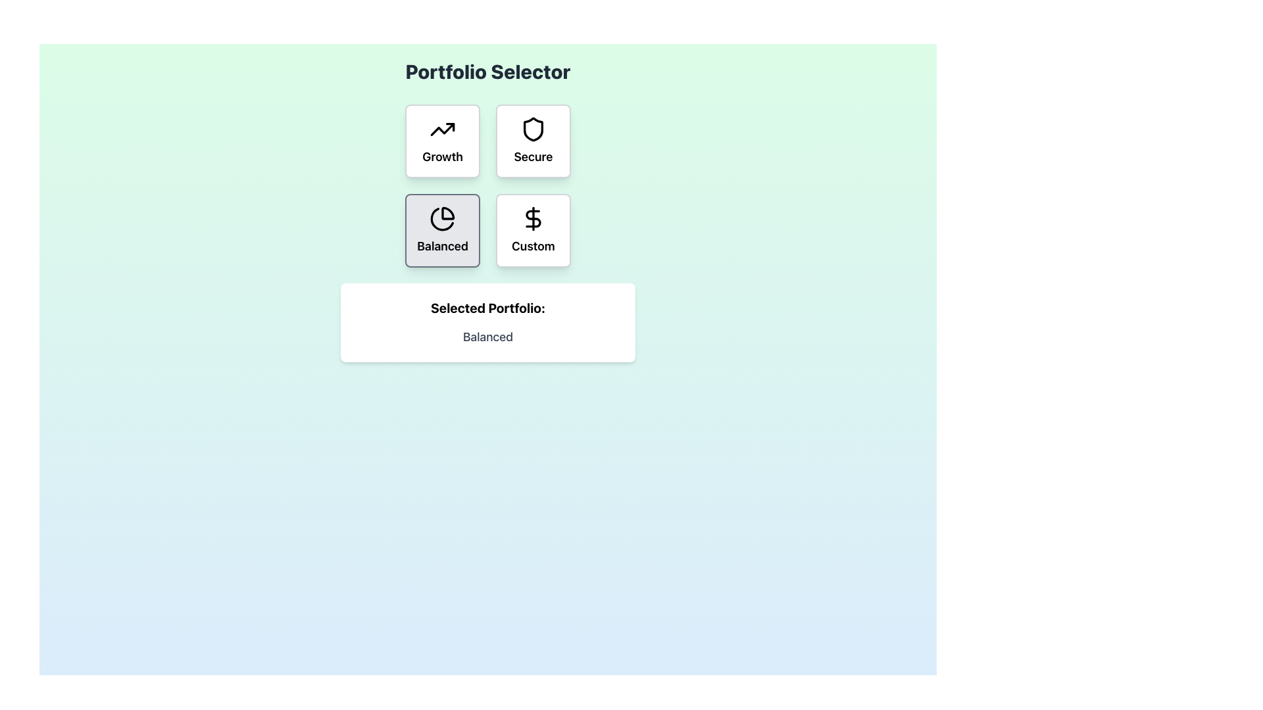 The image size is (1263, 710). What do you see at coordinates (443, 156) in the screenshot?
I see `the label element with the text 'Growth', which is styled with a bold font and located in the top-left quadrant of a grid layout, above the 'Balanced' card and left of the 'Secure' card` at bounding box center [443, 156].